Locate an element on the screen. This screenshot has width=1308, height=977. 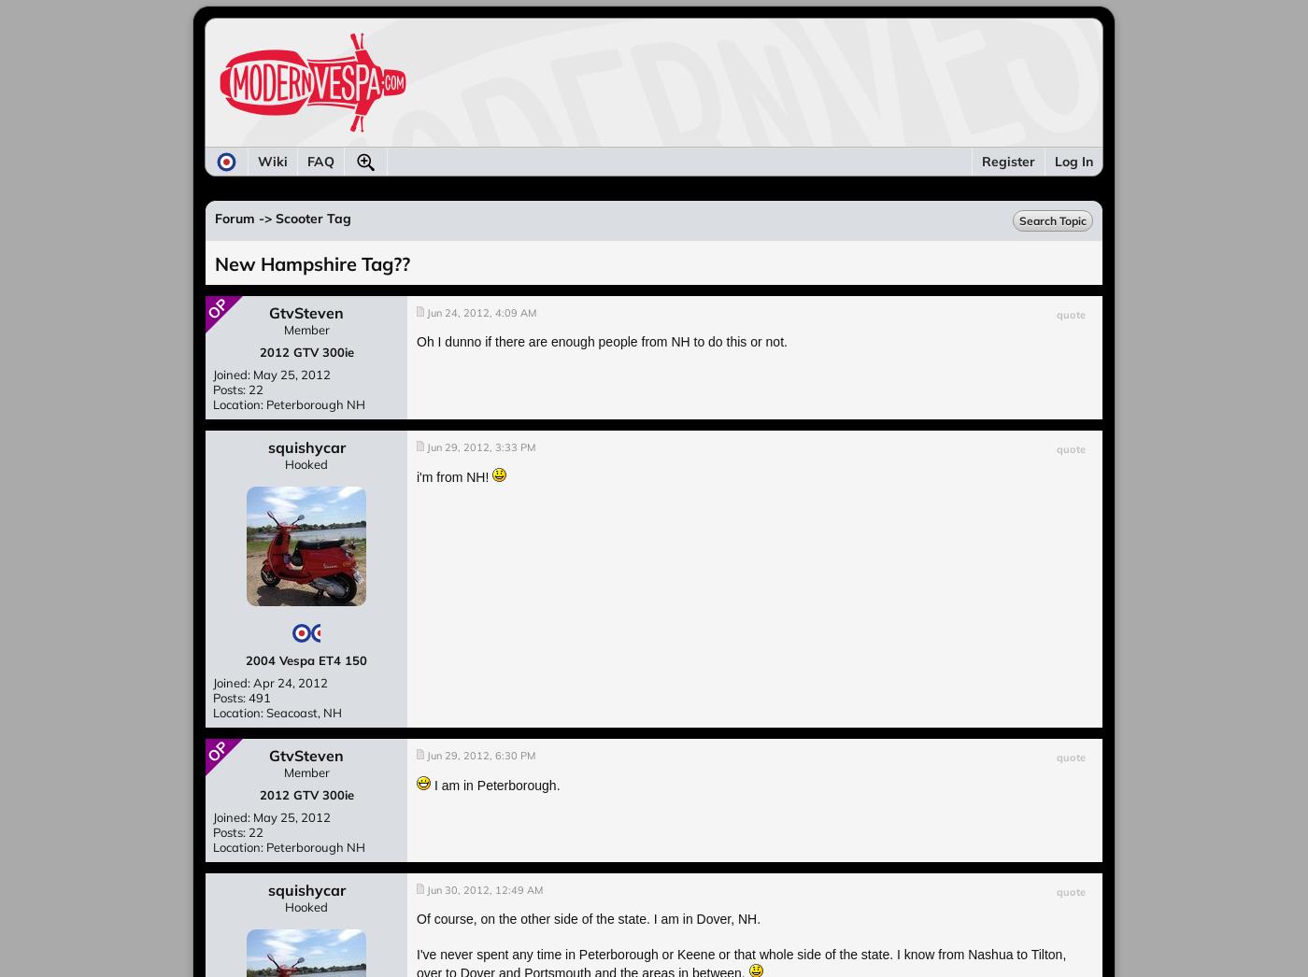
'Forum' is located at coordinates (235, 217).